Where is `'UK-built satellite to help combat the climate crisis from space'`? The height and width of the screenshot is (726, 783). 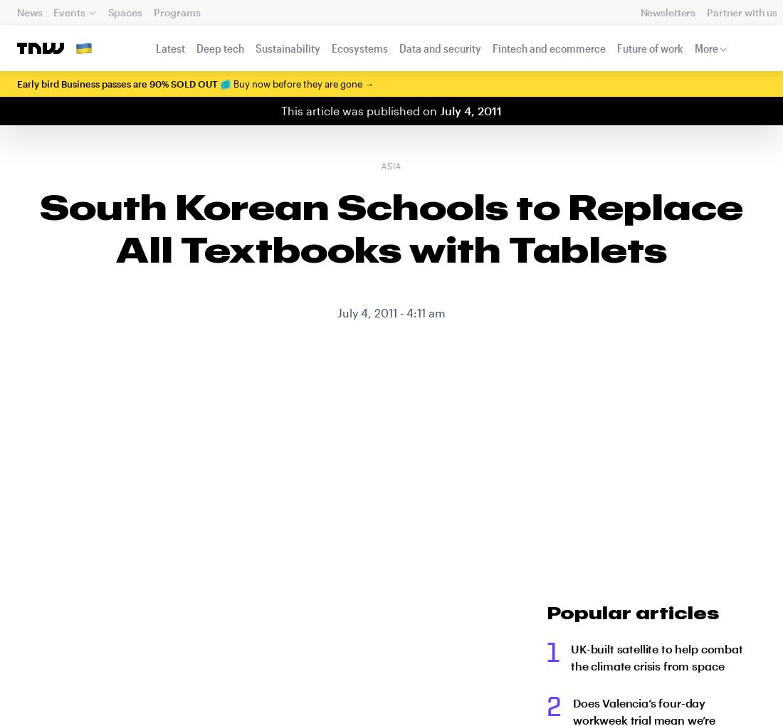 'UK-built satellite to help combat the climate crisis from space' is located at coordinates (571, 657).